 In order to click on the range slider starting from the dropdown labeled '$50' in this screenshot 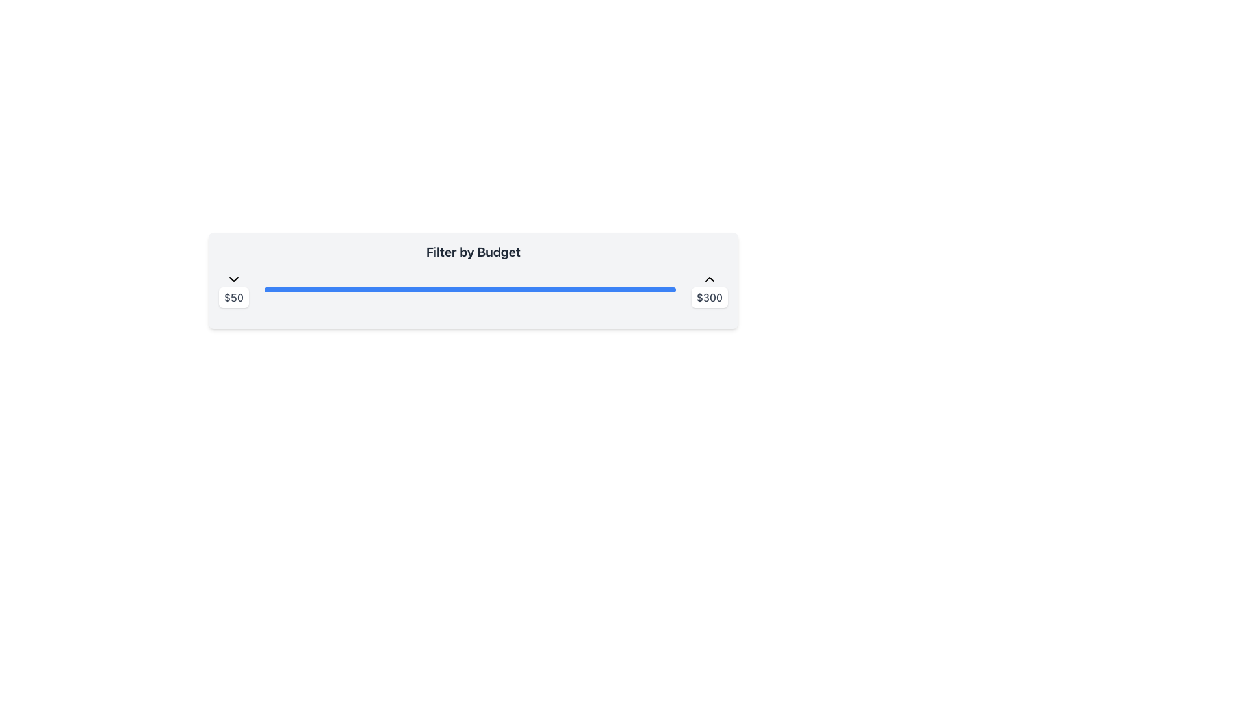, I will do `click(234, 289)`.